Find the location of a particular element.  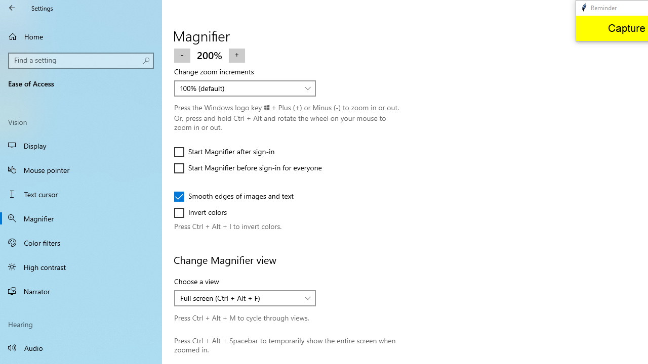

'Full screen (Ctrl + Alt + F)' is located at coordinates (239, 297).